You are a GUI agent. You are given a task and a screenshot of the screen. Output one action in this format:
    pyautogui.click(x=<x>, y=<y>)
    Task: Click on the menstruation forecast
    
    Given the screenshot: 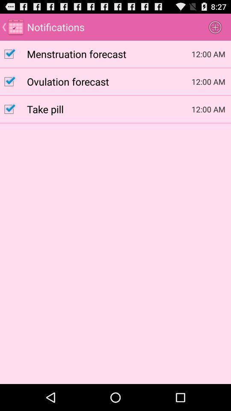 What is the action you would take?
    pyautogui.click(x=13, y=54)
    